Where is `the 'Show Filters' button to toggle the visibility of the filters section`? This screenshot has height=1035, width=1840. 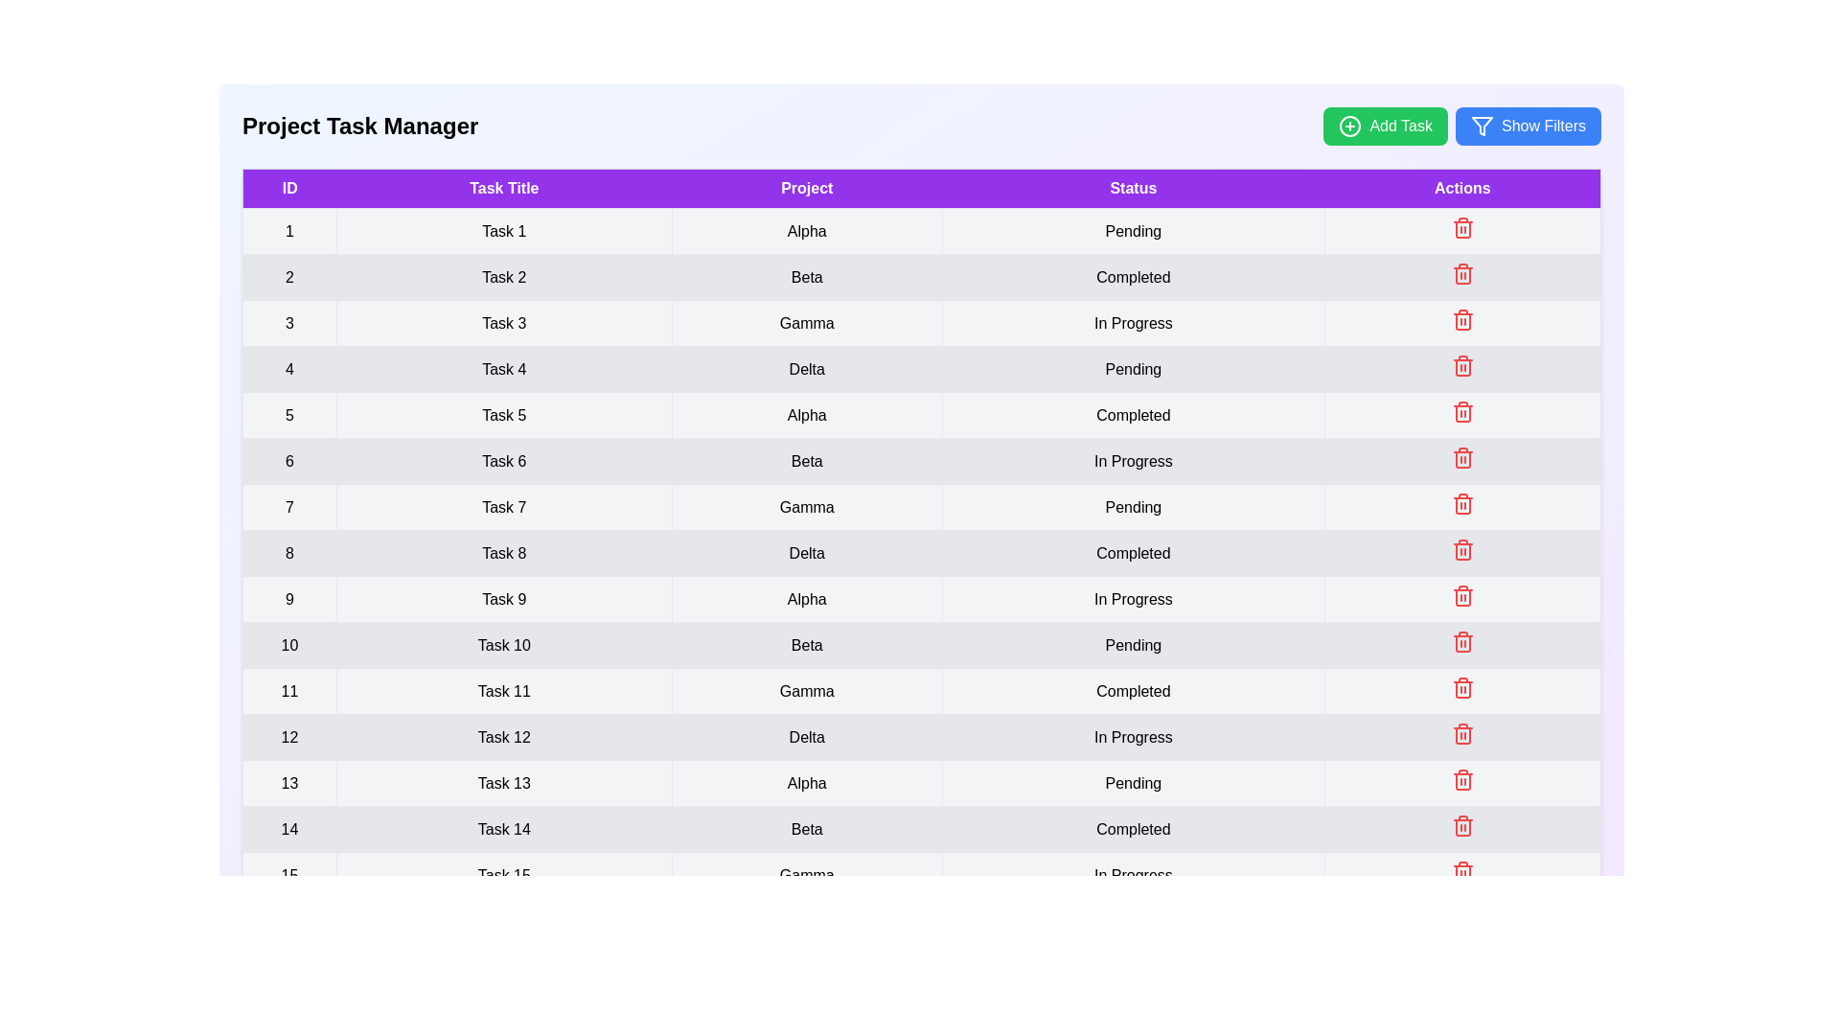
the 'Show Filters' button to toggle the visibility of the filters section is located at coordinates (1527, 126).